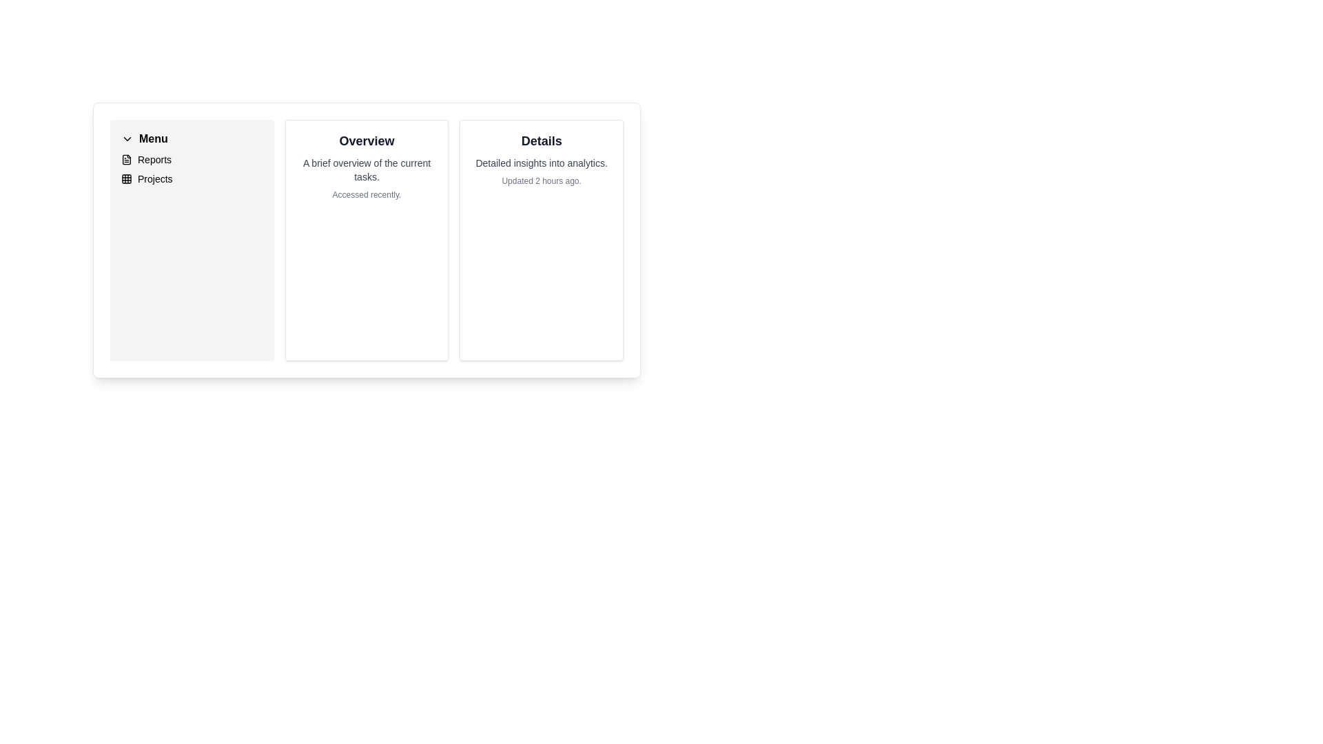 The width and height of the screenshot is (1323, 744). I want to click on the Reports icon located in the menu panel on the left side of the interface, positioned next to the text 'Reports', so click(126, 158).